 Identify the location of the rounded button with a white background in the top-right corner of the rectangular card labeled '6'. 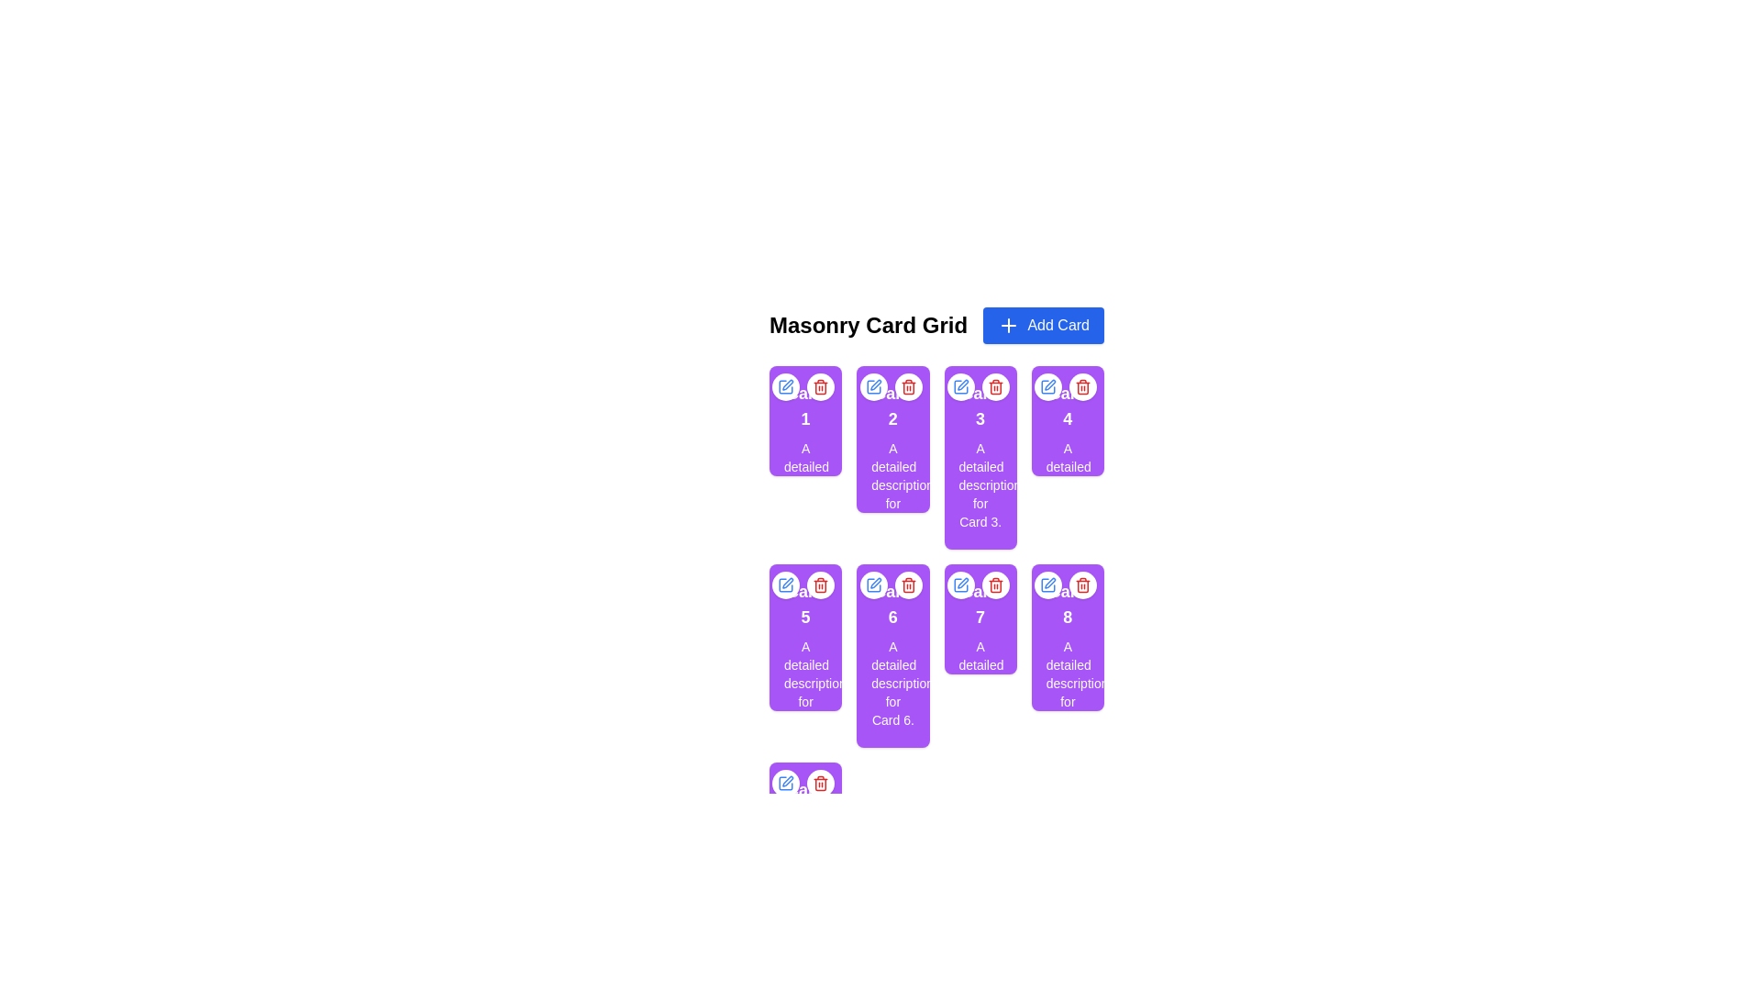
(872, 585).